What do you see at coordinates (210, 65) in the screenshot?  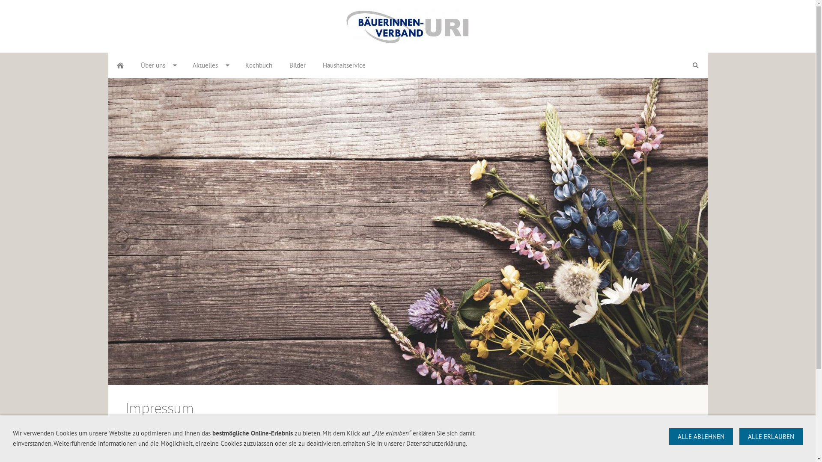 I see `'Aktuelles'` at bounding box center [210, 65].